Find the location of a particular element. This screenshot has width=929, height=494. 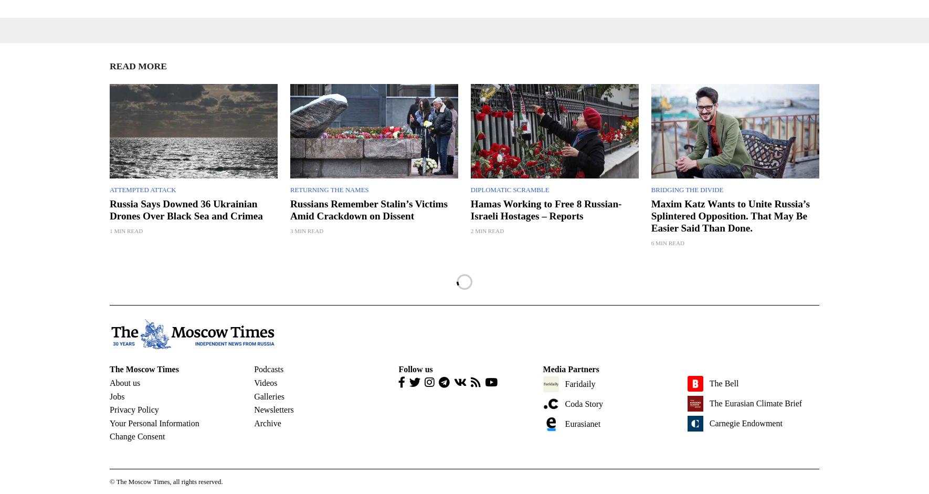

'Galleries' is located at coordinates (269, 395).